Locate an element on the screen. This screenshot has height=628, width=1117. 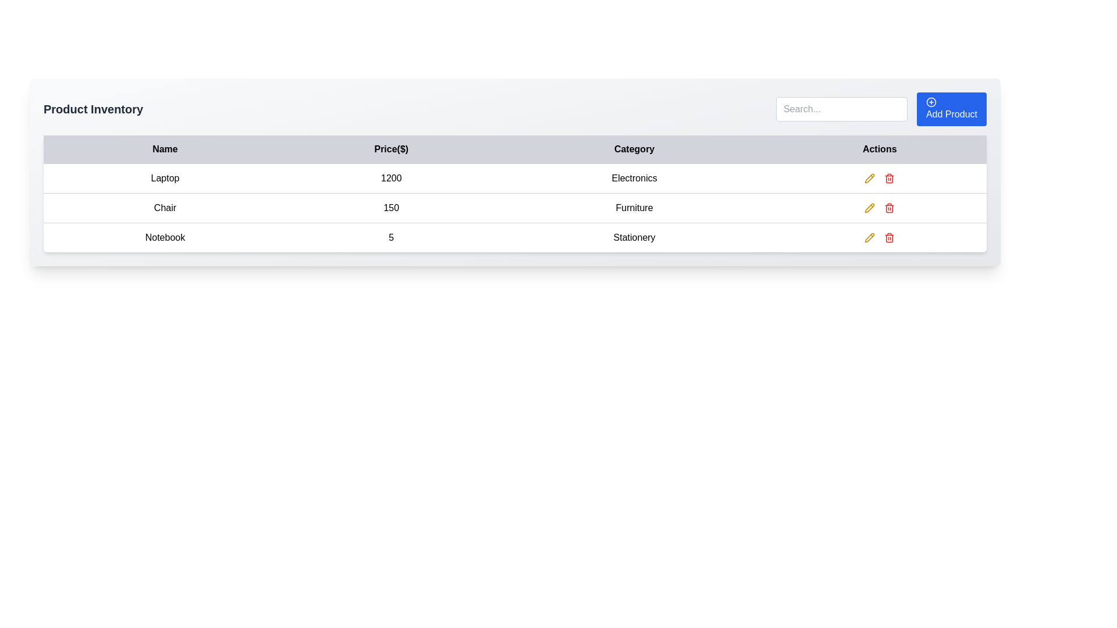
the delete icon button in the actions column of the third row of the data table is located at coordinates (889, 208).